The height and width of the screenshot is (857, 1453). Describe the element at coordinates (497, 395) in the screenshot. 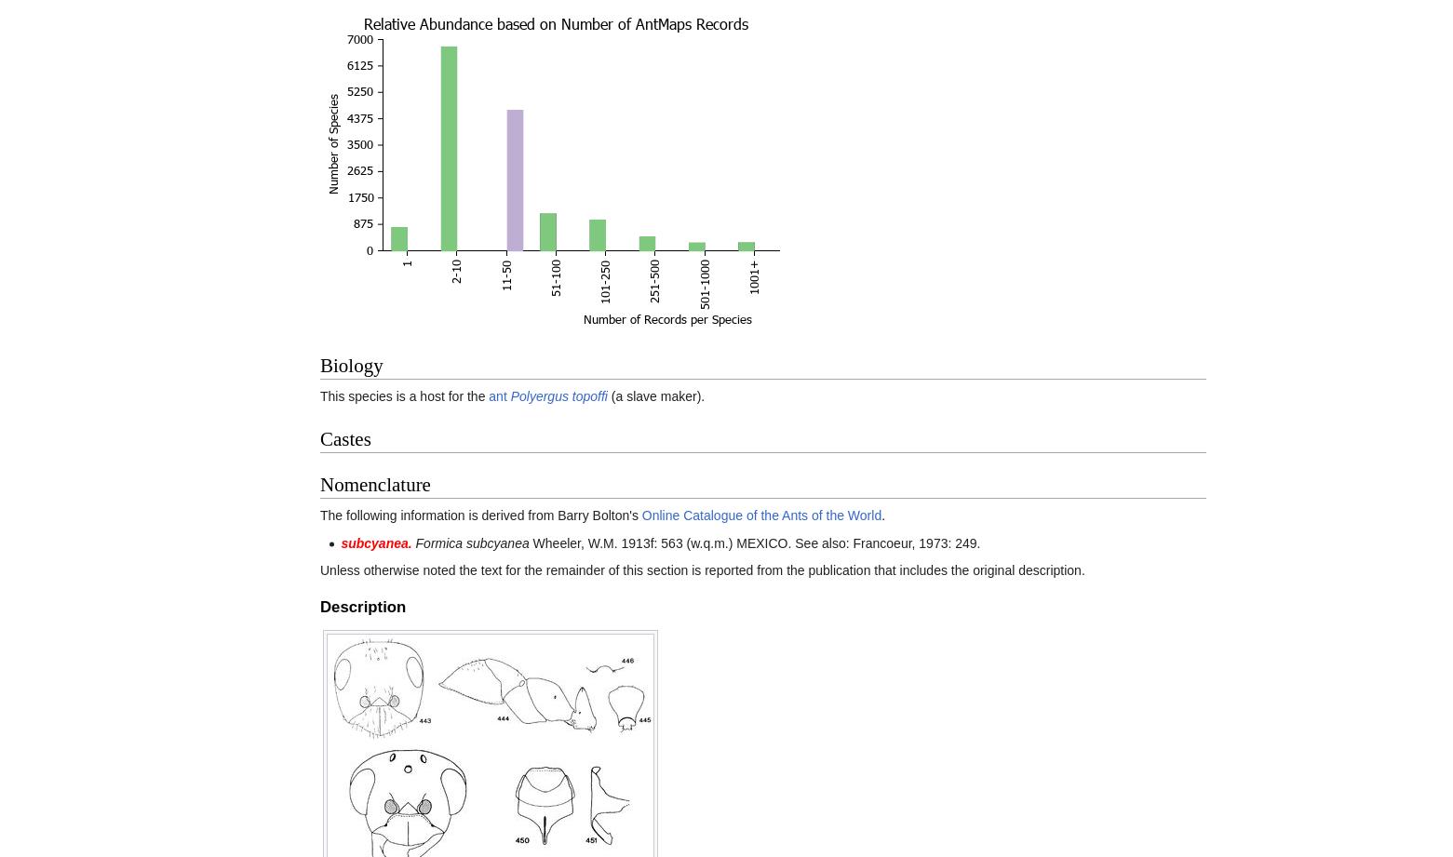

I see `'ant'` at that location.